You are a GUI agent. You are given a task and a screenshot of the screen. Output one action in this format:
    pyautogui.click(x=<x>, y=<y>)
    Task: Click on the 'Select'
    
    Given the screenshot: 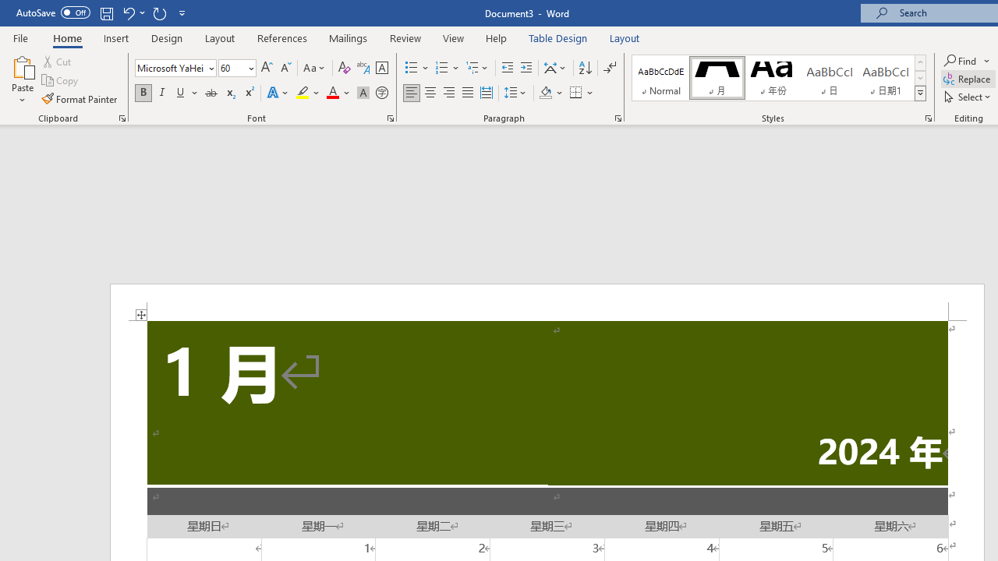 What is the action you would take?
    pyautogui.click(x=968, y=97)
    